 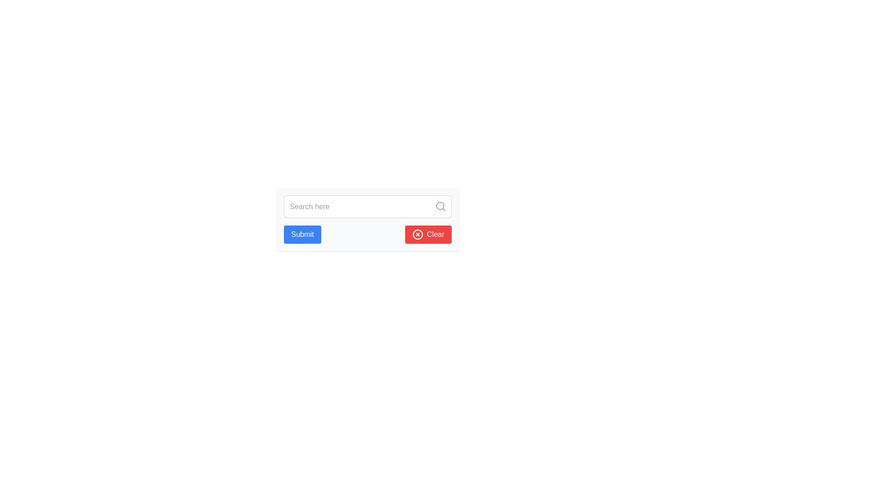 What do you see at coordinates (440, 205) in the screenshot?
I see `the circular part of the search icon, which is an SVG circle element located at the top-right corner of the input box` at bounding box center [440, 205].